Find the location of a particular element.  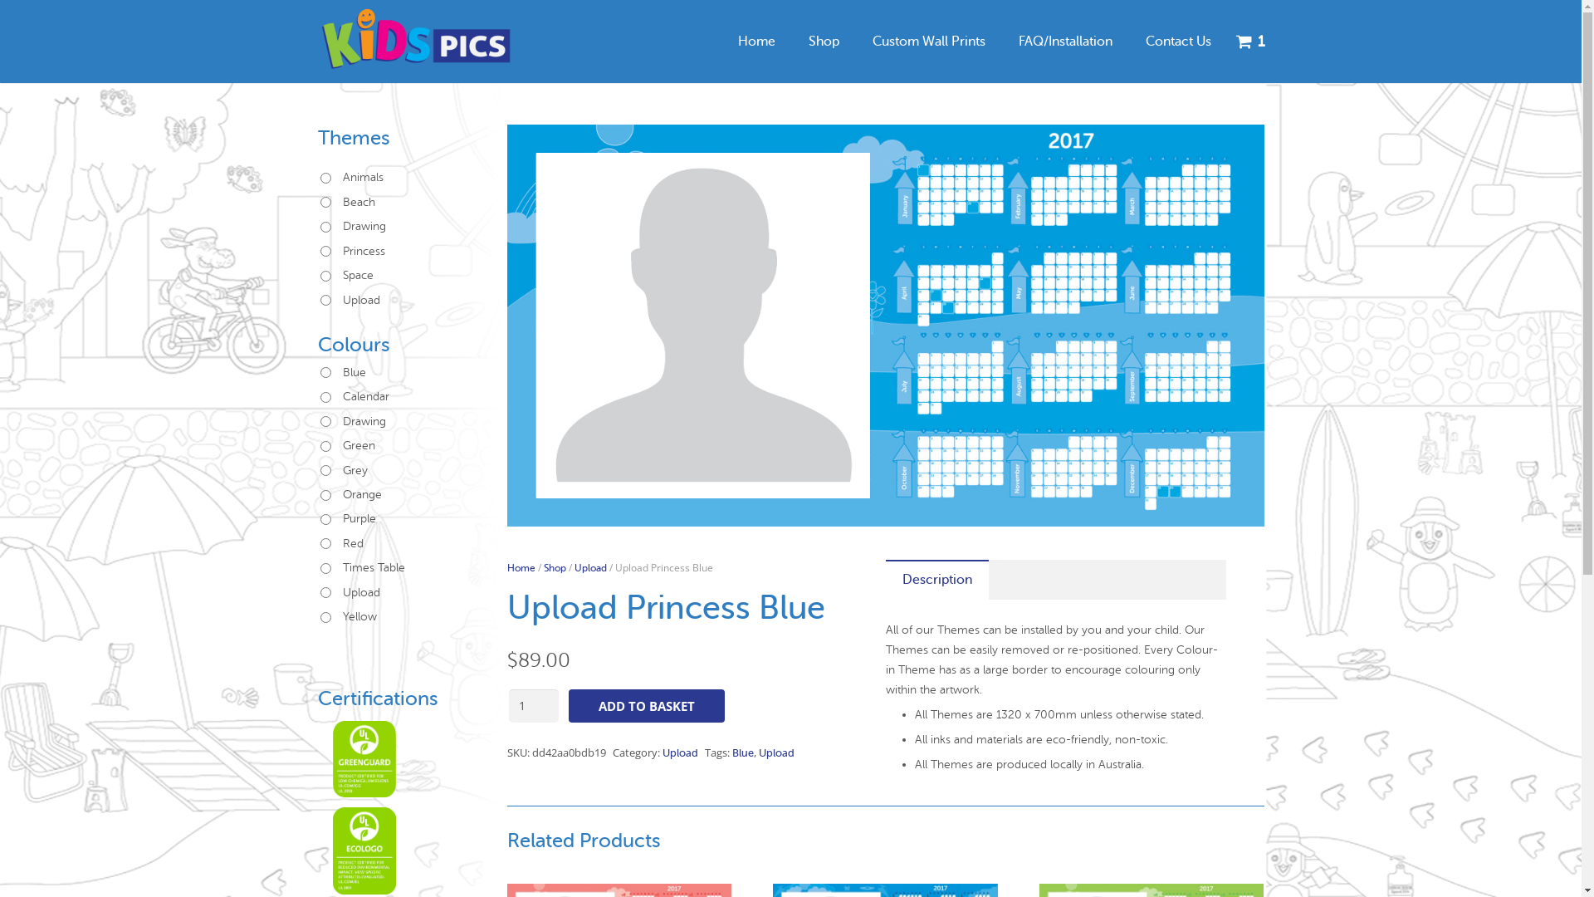

'Qty' is located at coordinates (533, 705).